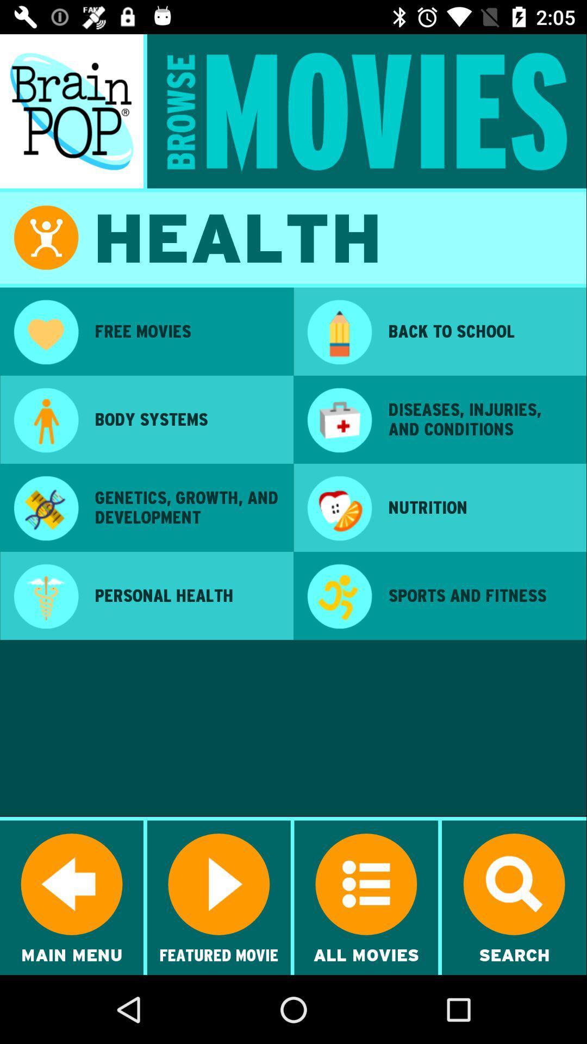 This screenshot has height=1044, width=587. I want to click on the free movies, so click(186, 331).